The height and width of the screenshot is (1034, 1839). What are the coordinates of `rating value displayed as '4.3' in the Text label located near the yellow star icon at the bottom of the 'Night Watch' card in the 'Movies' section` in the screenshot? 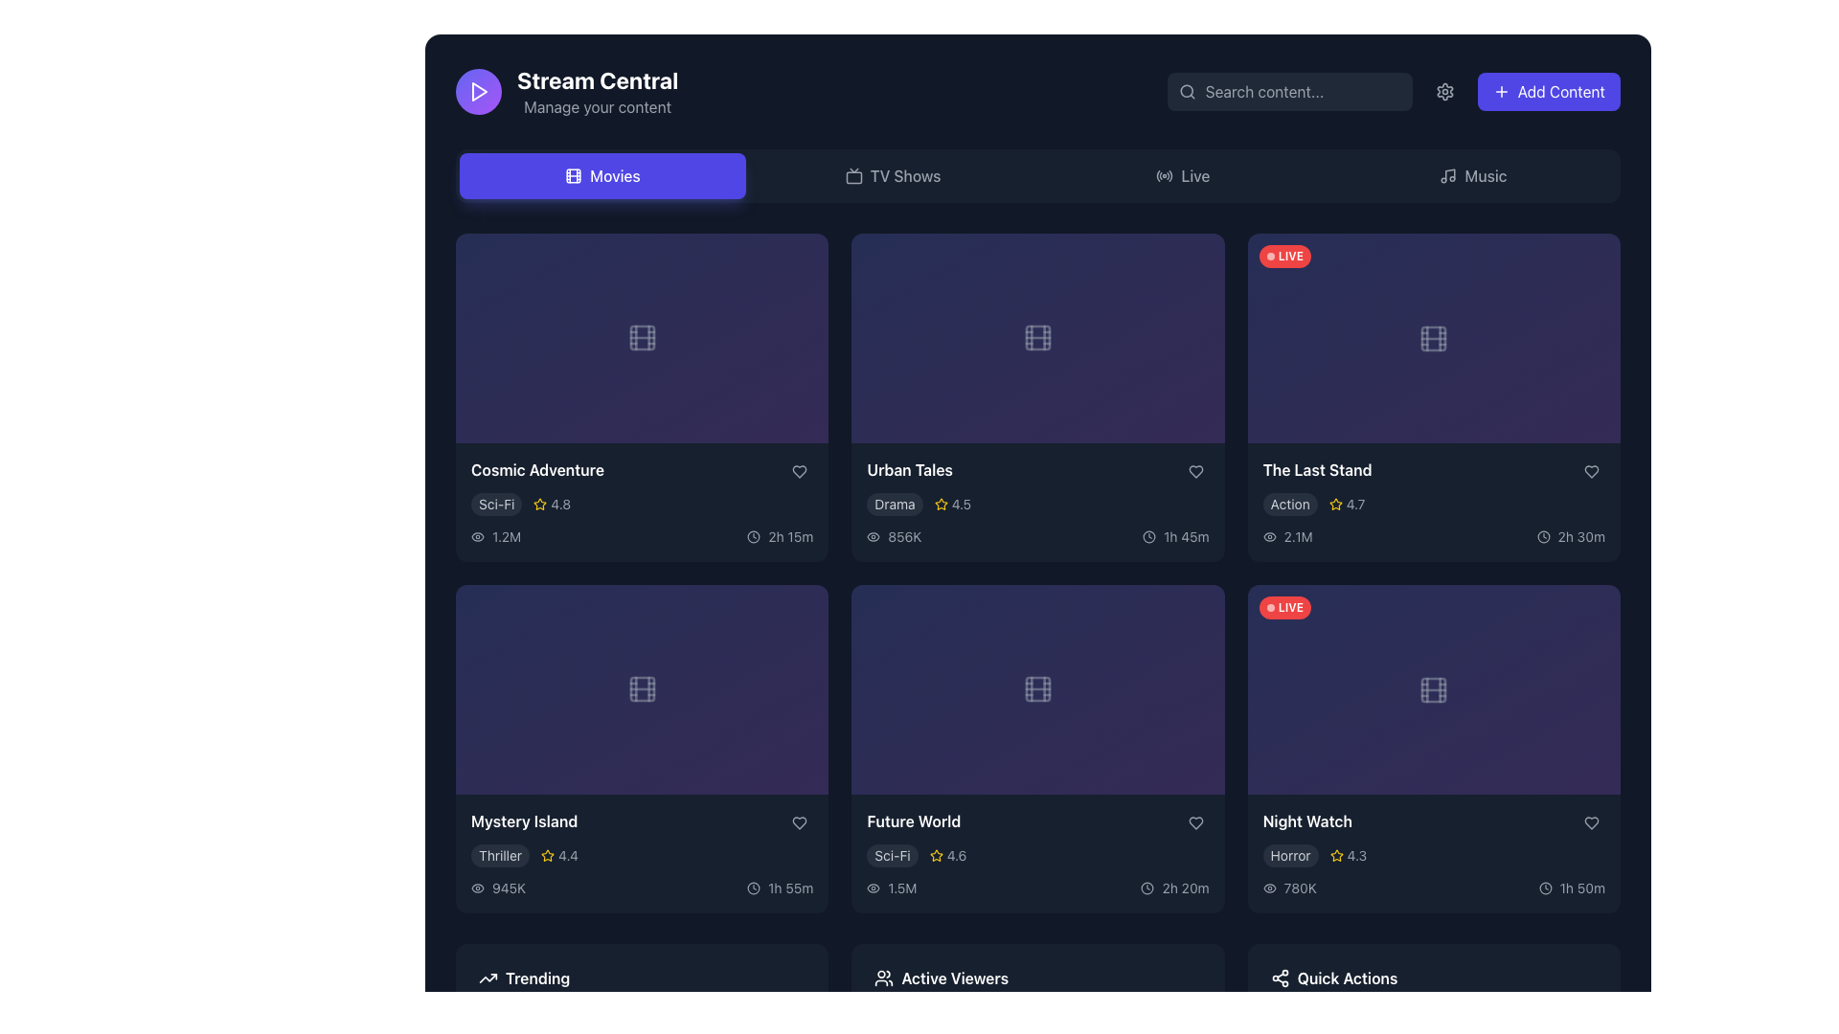 It's located at (1355, 855).